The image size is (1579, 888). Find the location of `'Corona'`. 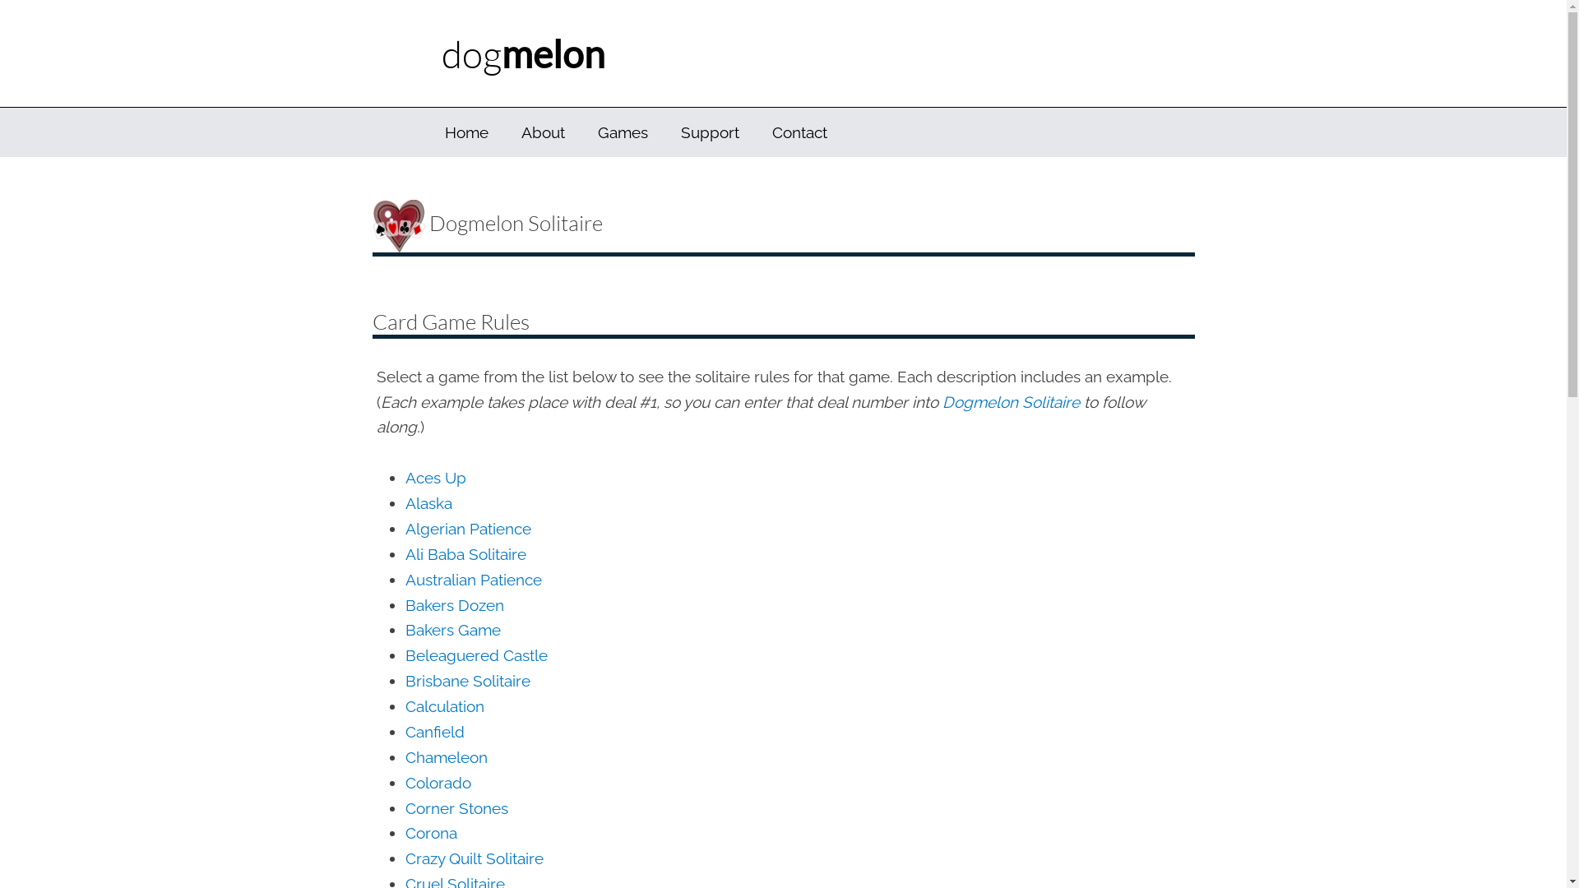

'Corona' is located at coordinates (430, 833).